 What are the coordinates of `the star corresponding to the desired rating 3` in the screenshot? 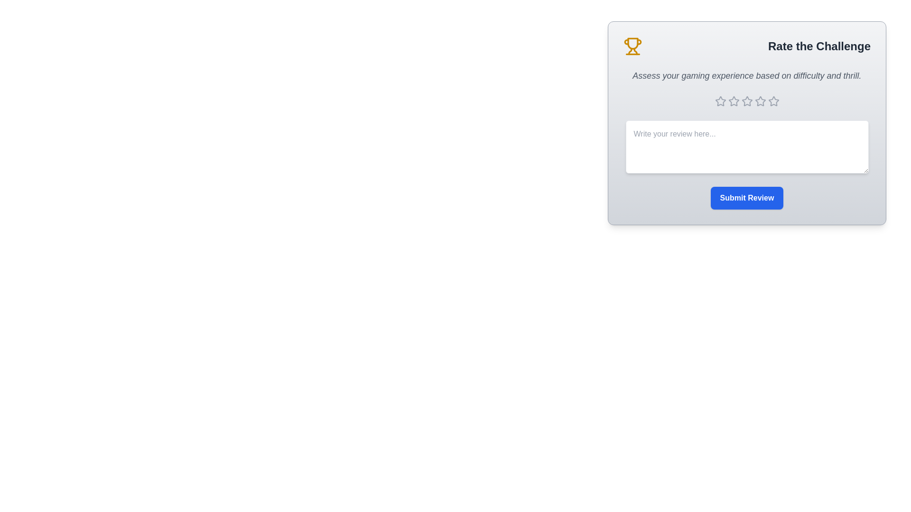 It's located at (746, 101).